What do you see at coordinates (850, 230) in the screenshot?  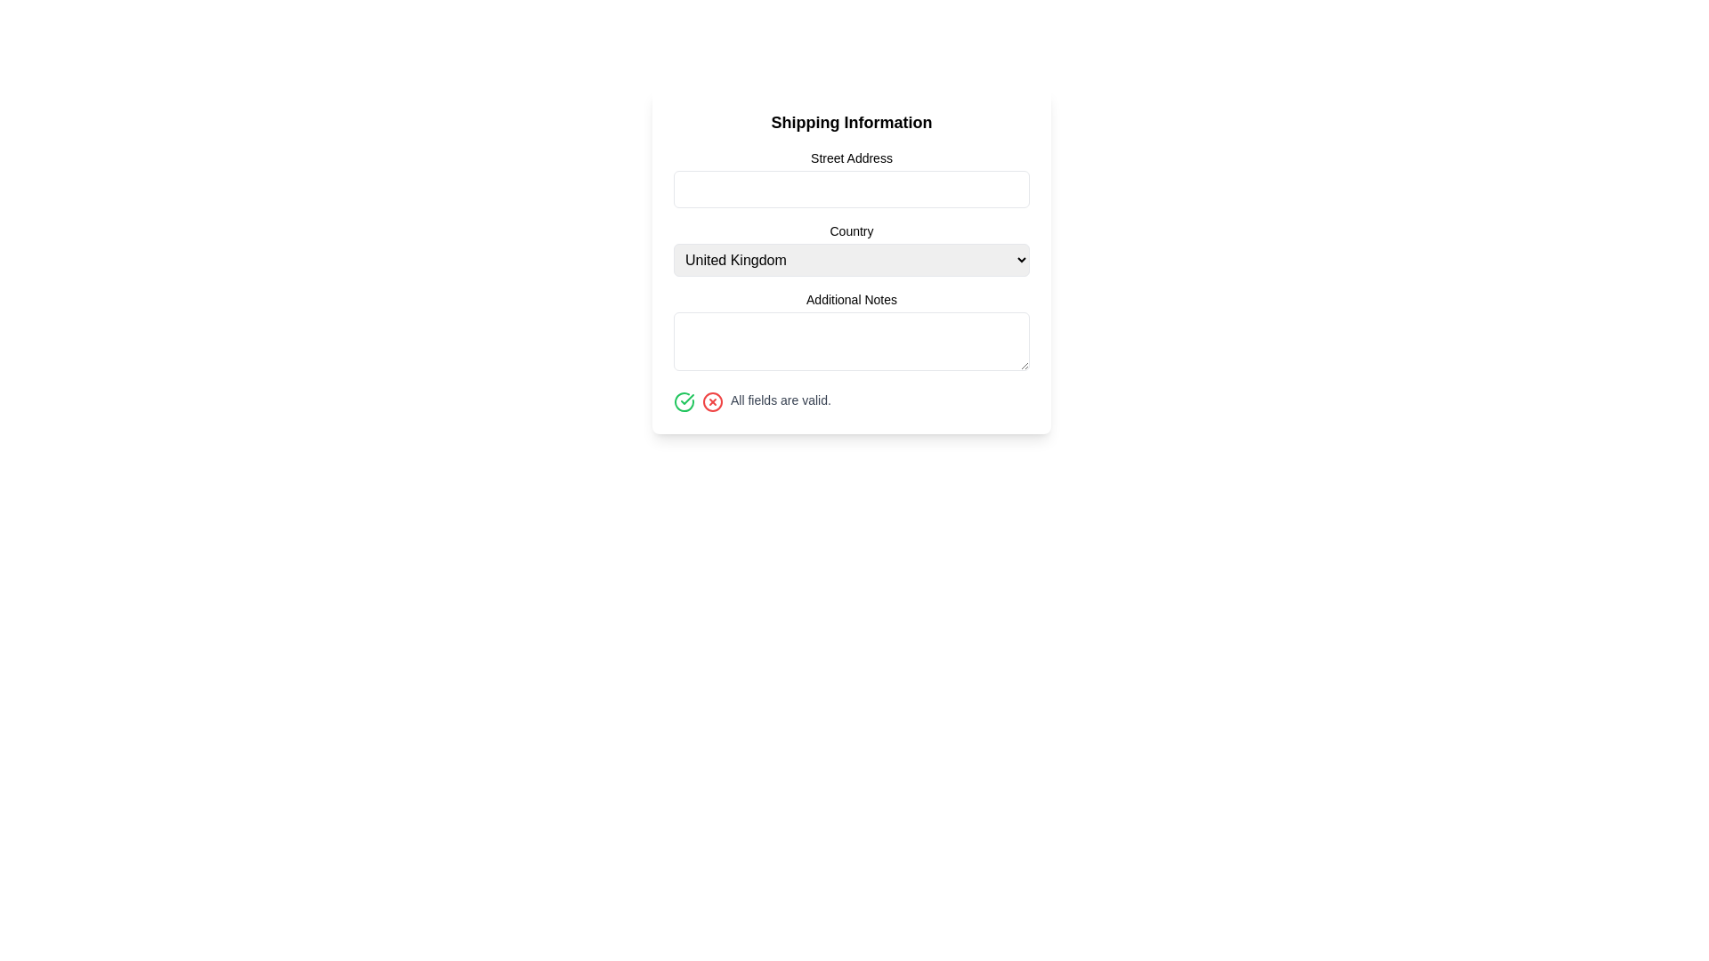 I see `the 'Country' label, which is a text label in a small serif font positioned above a dropdown menu in the center of the form` at bounding box center [850, 230].